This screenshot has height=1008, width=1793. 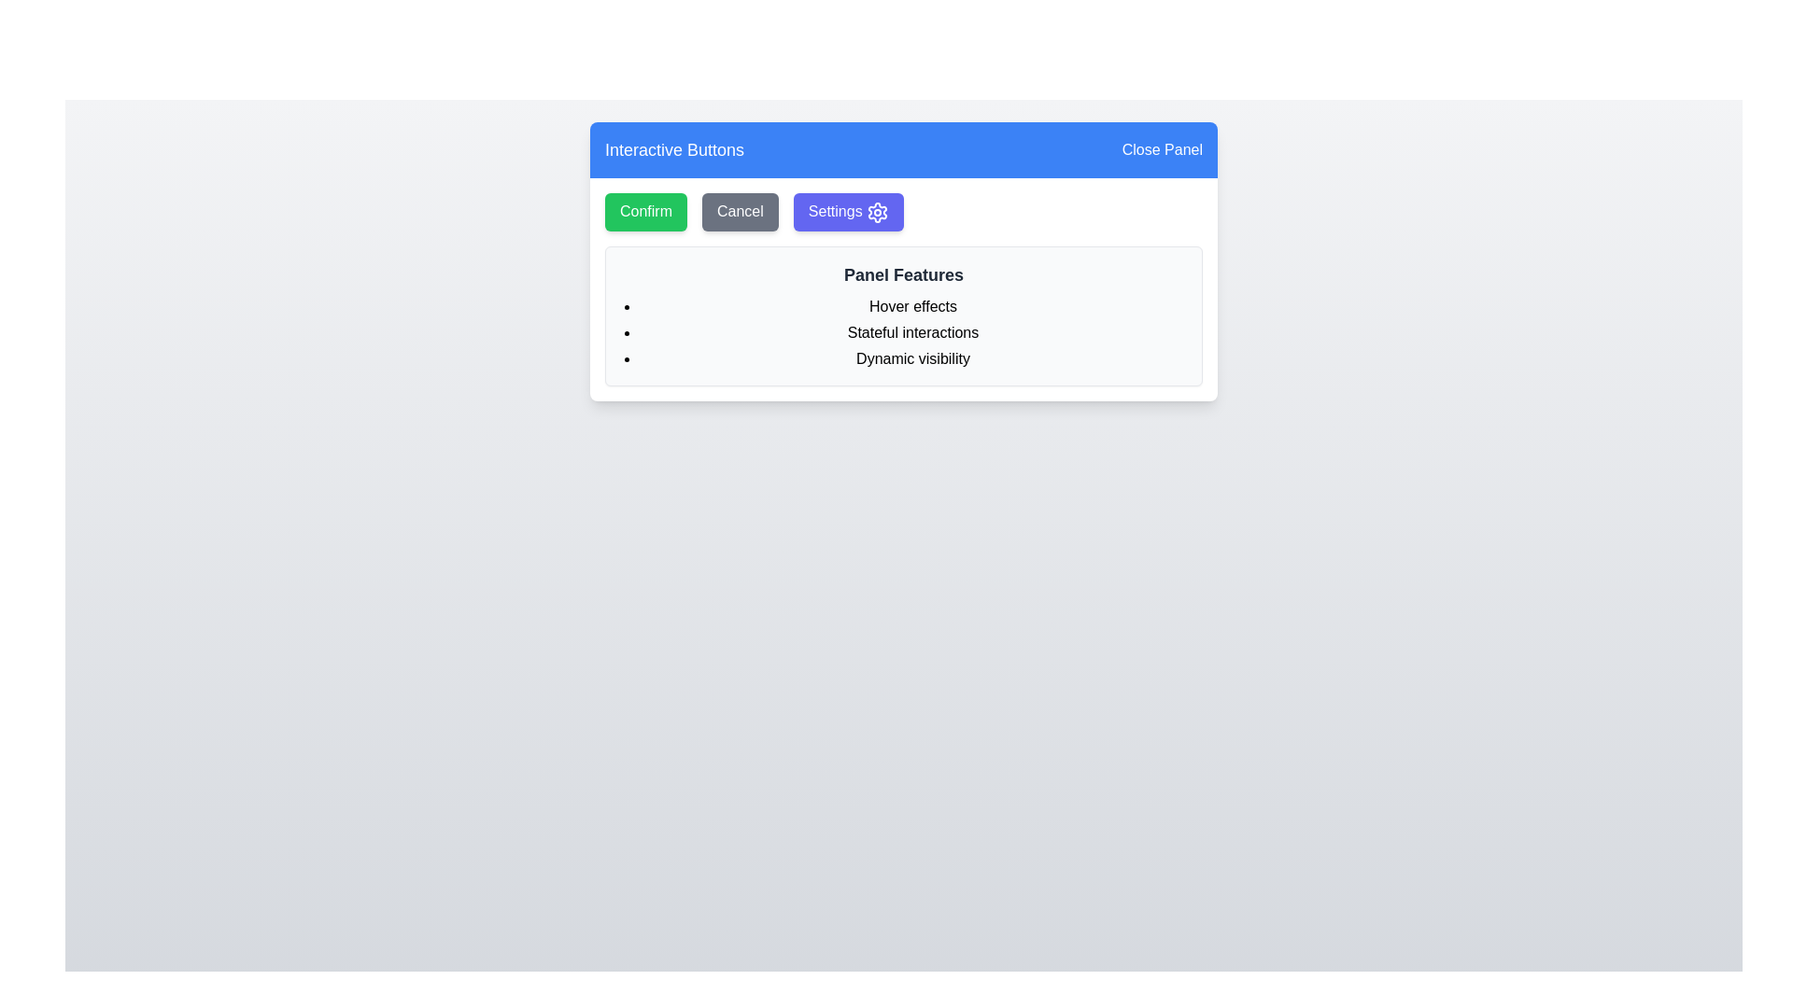 What do you see at coordinates (913, 304) in the screenshot?
I see `the static text displaying 'Hover effects' in the bullet list under 'Panel Features'` at bounding box center [913, 304].